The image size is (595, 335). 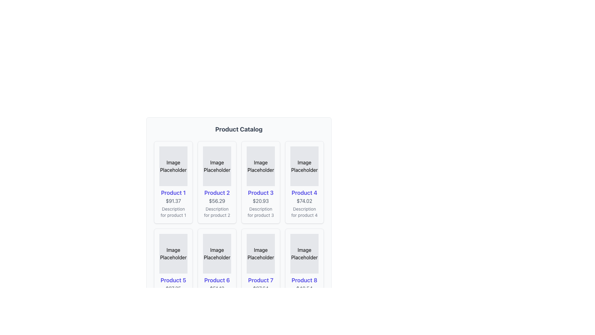 What do you see at coordinates (304, 288) in the screenshot?
I see `price displayed in the text element located below 'Product 8' and above the product description, which shows '$48.54'` at bounding box center [304, 288].